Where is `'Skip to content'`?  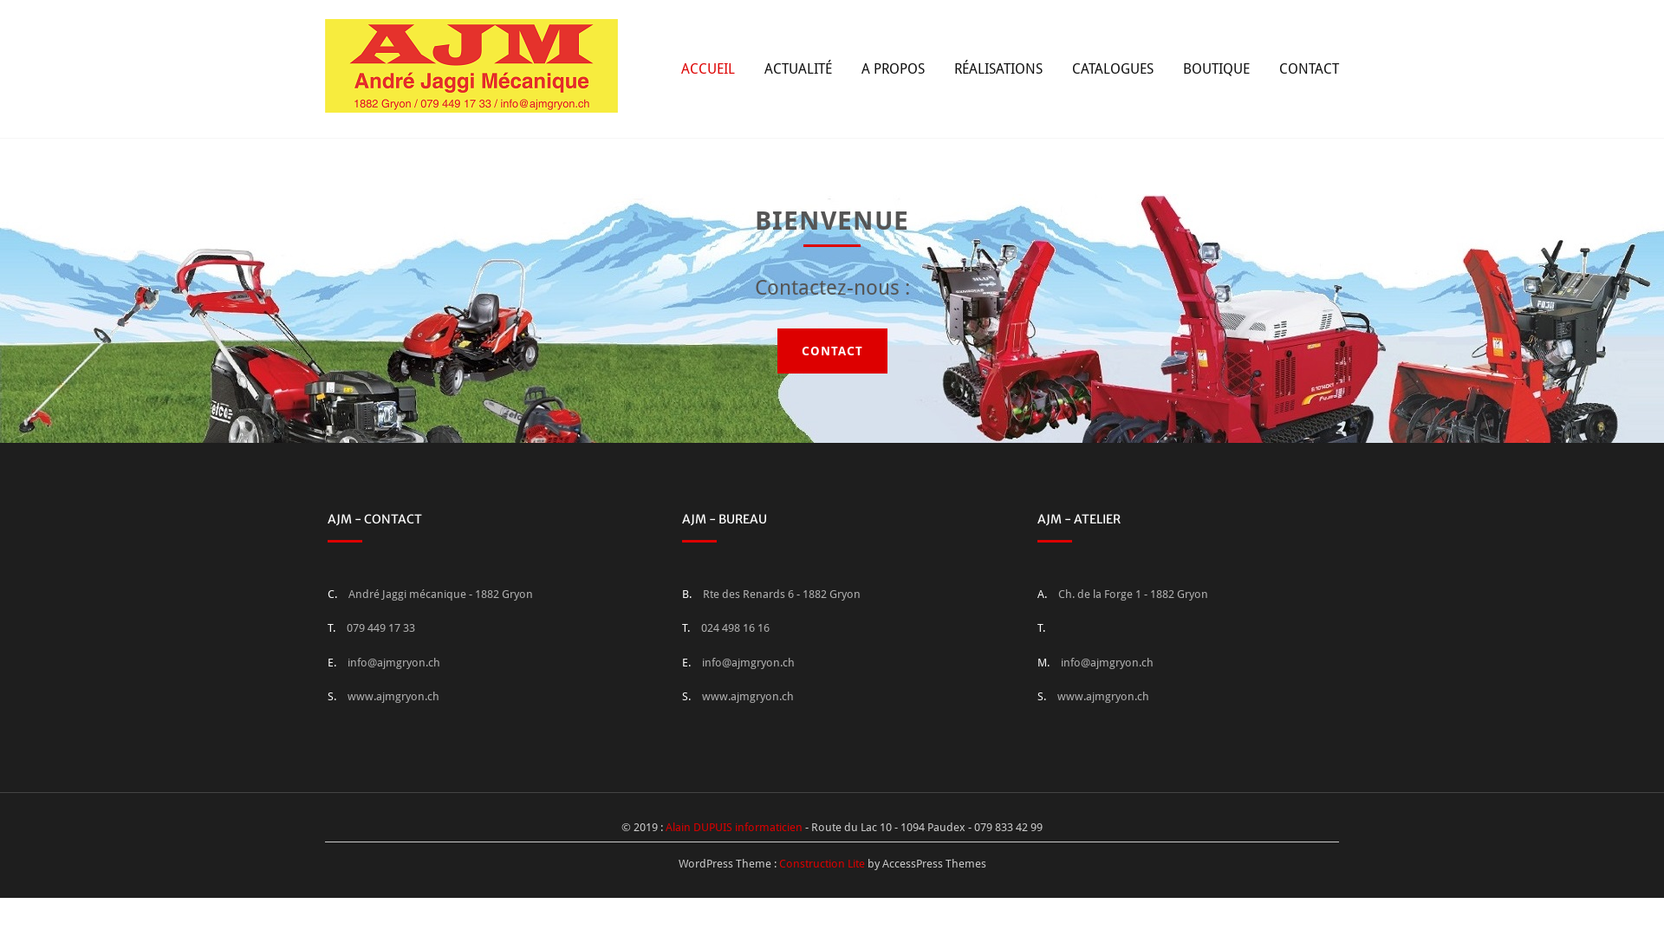
'Skip to content' is located at coordinates (0, 0).